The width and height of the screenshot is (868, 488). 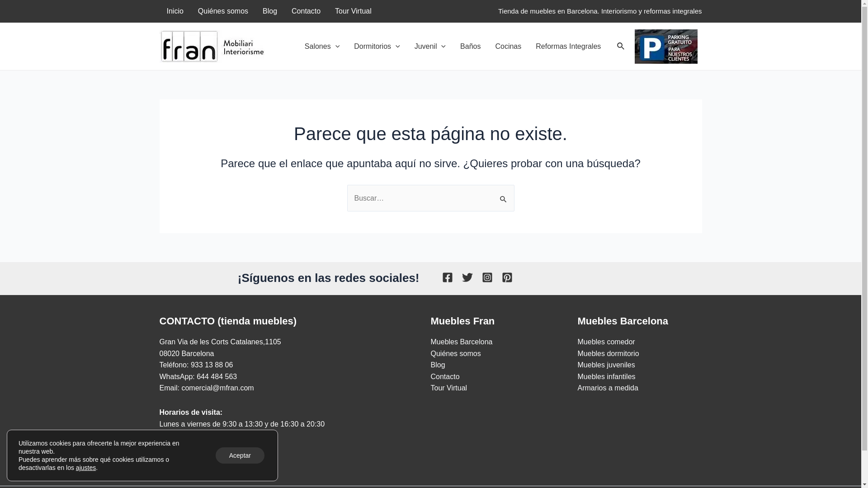 What do you see at coordinates (181, 387) in the screenshot?
I see `'comercial@mfran.com'` at bounding box center [181, 387].